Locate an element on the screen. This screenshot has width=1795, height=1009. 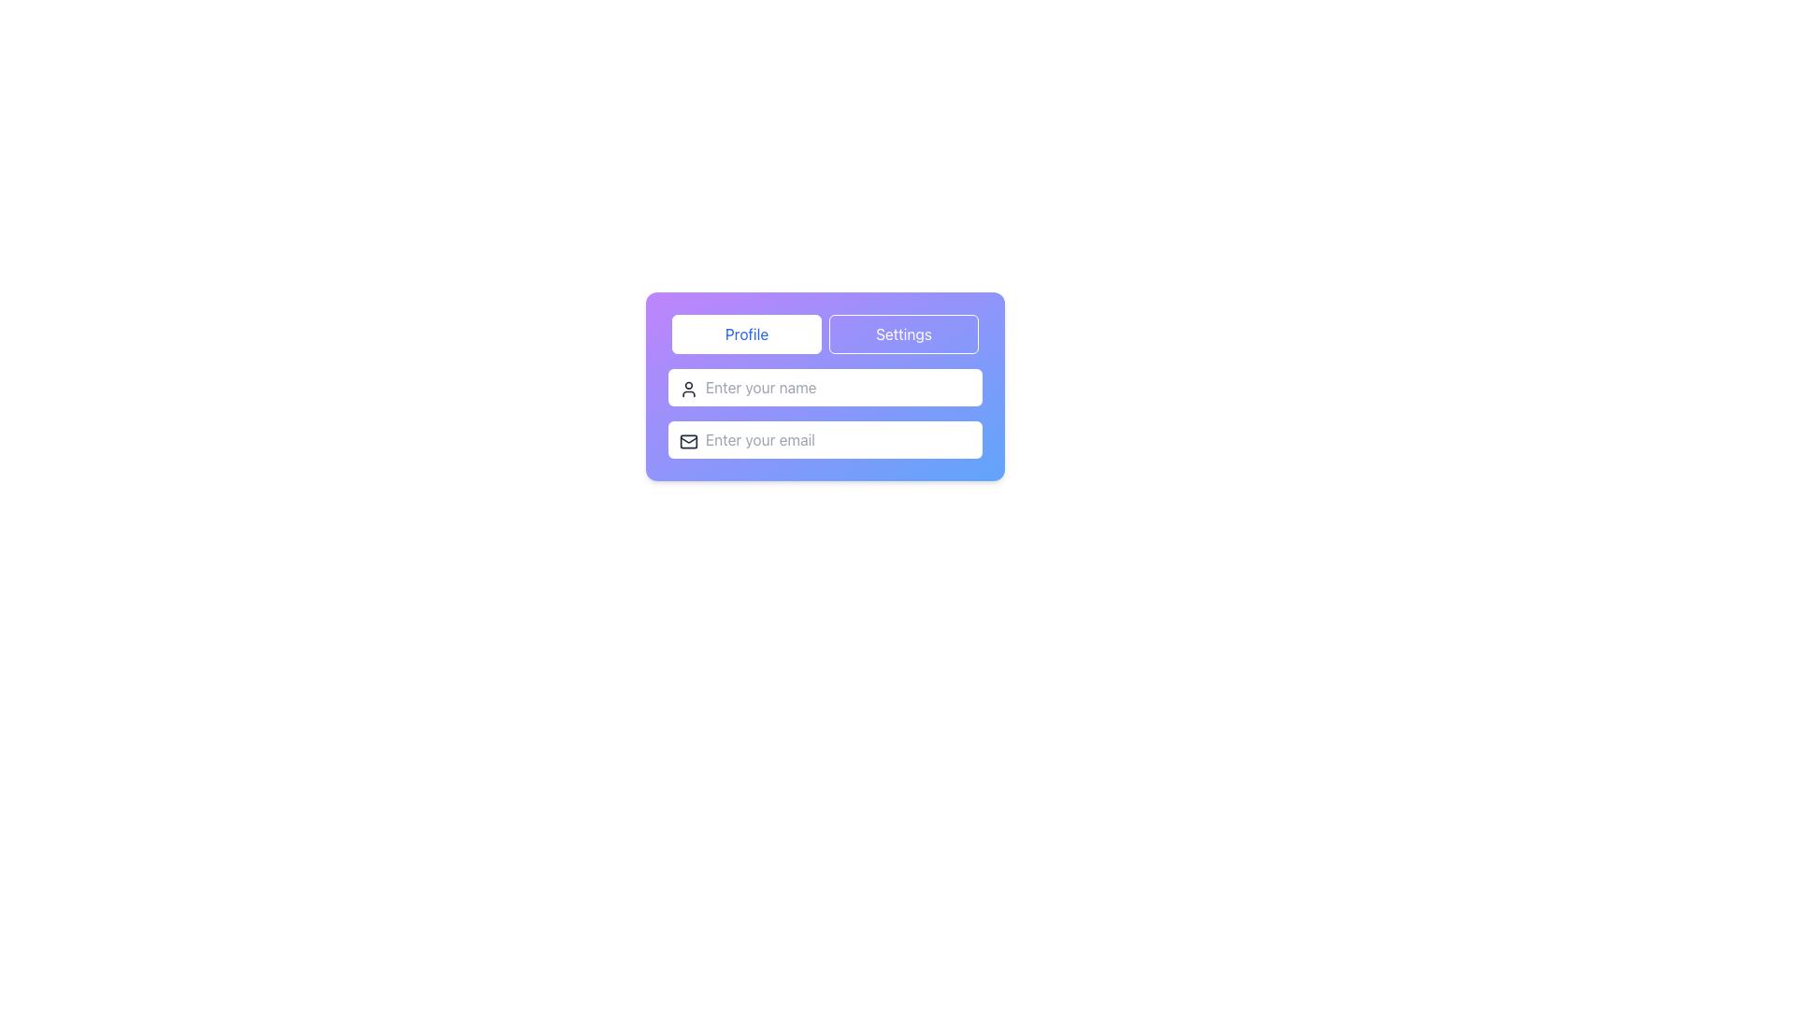
the settings navigation button located to the right of the 'Profile' button at the top of the panel is located at coordinates (903, 334).